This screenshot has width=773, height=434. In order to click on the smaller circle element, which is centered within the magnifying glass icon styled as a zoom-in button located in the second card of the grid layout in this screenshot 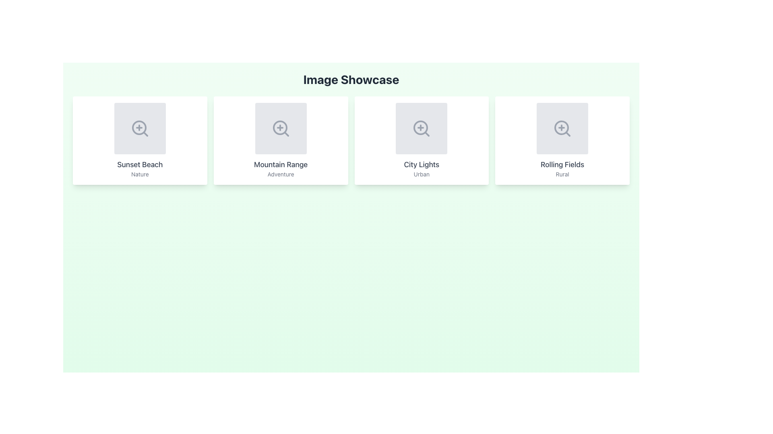, I will do `click(280, 127)`.